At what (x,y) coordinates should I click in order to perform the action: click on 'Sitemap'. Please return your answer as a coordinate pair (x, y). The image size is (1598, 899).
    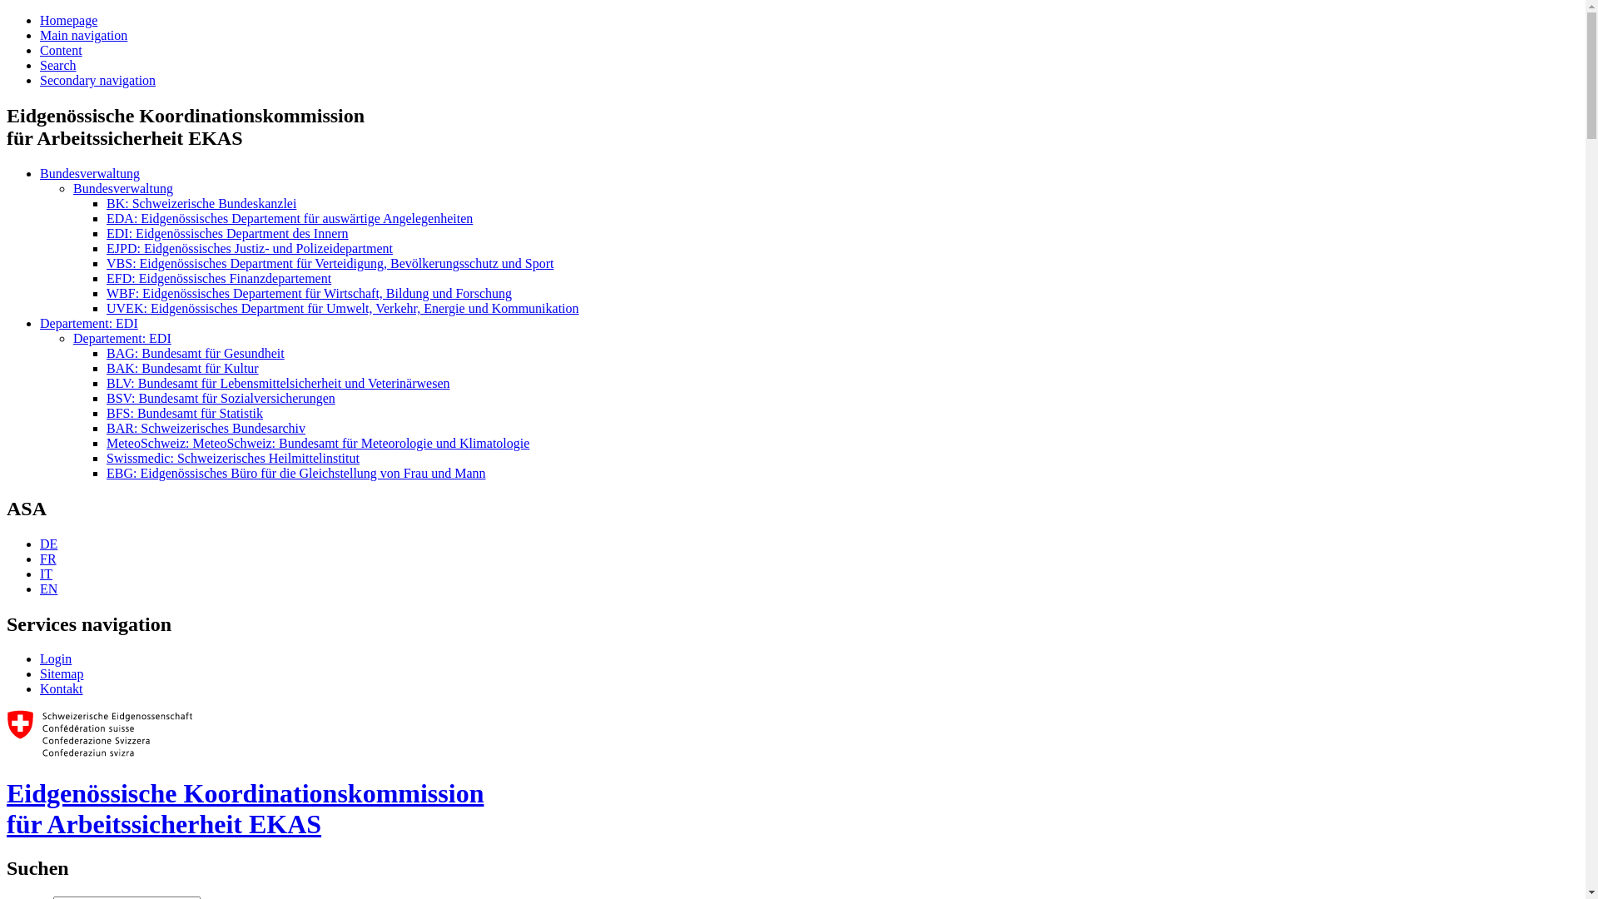
    Looking at the image, I should click on (61, 673).